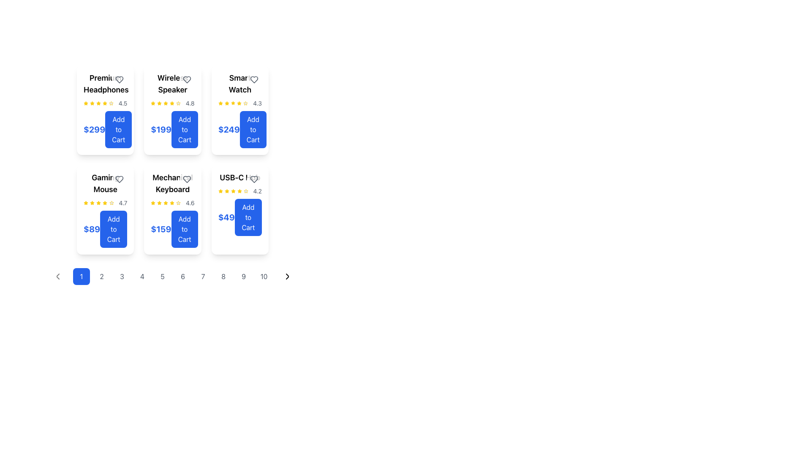 This screenshot has height=456, width=811. What do you see at coordinates (118, 130) in the screenshot?
I see `the 'Add to Cart' button for the Premium Headphones, located in the top-left card of the grid layout` at bounding box center [118, 130].